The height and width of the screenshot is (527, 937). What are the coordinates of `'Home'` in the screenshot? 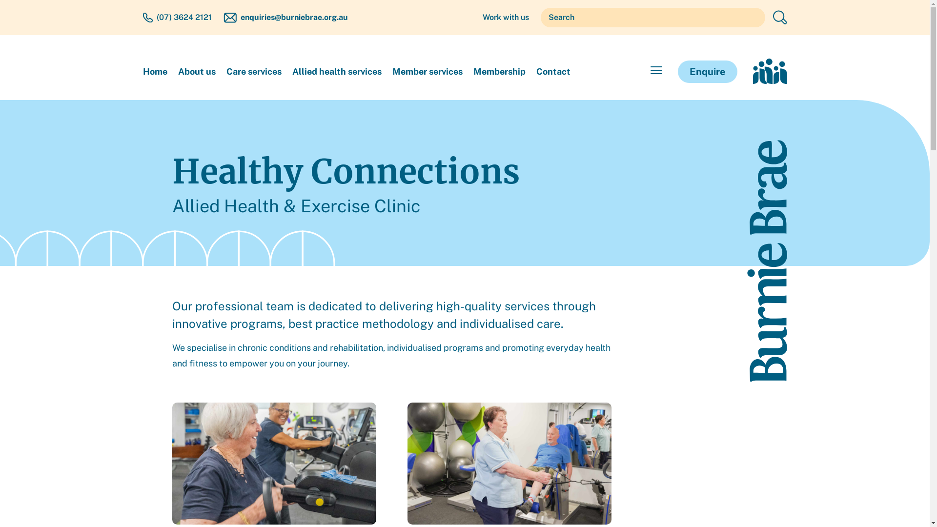 It's located at (154, 71).